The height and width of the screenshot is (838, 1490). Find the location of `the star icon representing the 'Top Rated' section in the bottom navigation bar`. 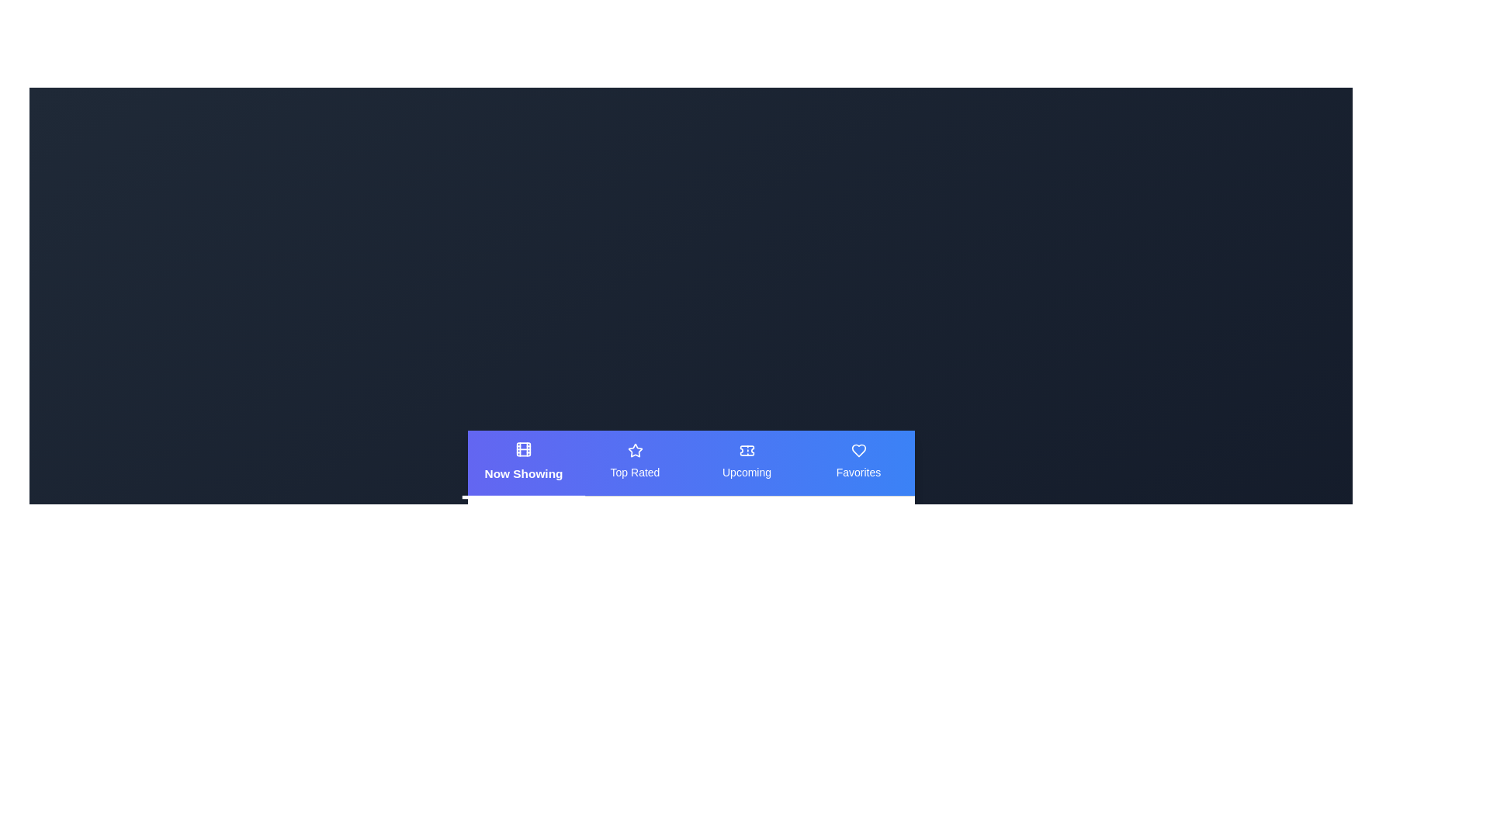

the star icon representing the 'Top Rated' section in the bottom navigation bar is located at coordinates (635, 450).